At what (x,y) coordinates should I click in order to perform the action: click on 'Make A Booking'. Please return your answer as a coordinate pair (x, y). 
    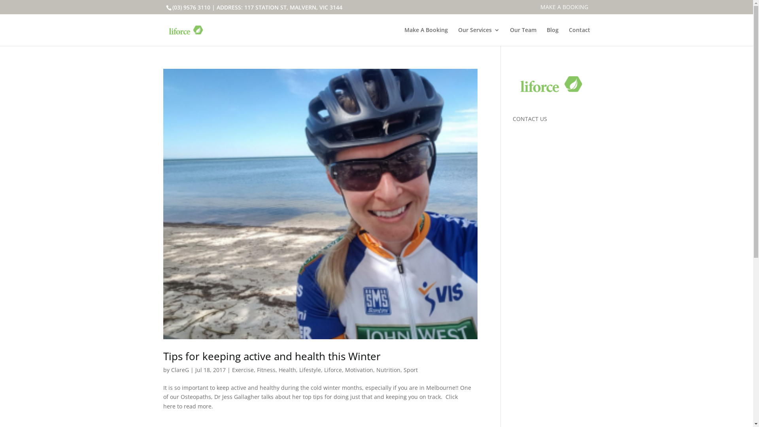
    Looking at the image, I should click on (425, 36).